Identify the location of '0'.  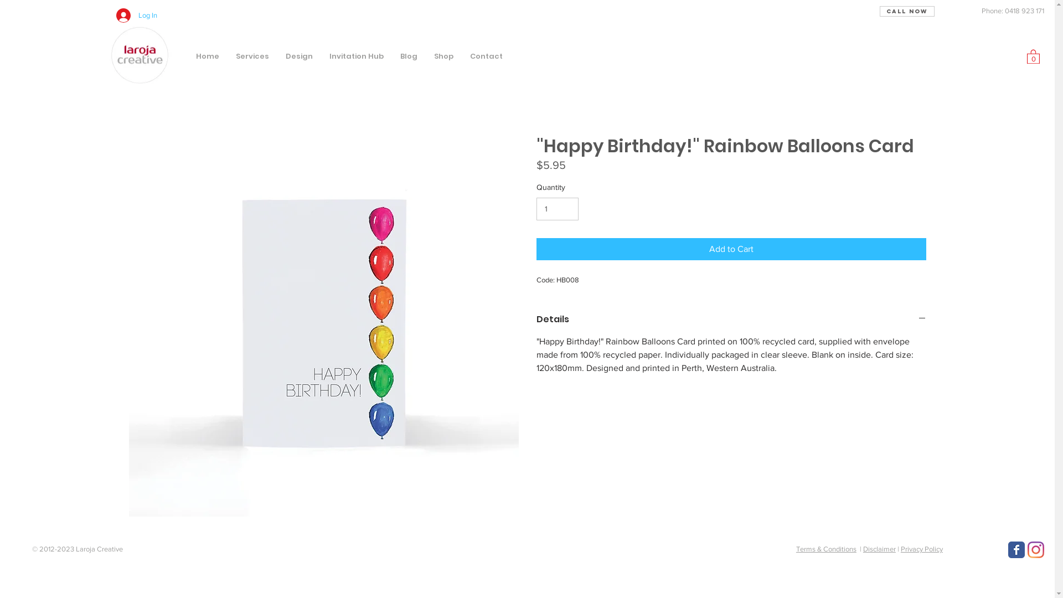
(1032, 56).